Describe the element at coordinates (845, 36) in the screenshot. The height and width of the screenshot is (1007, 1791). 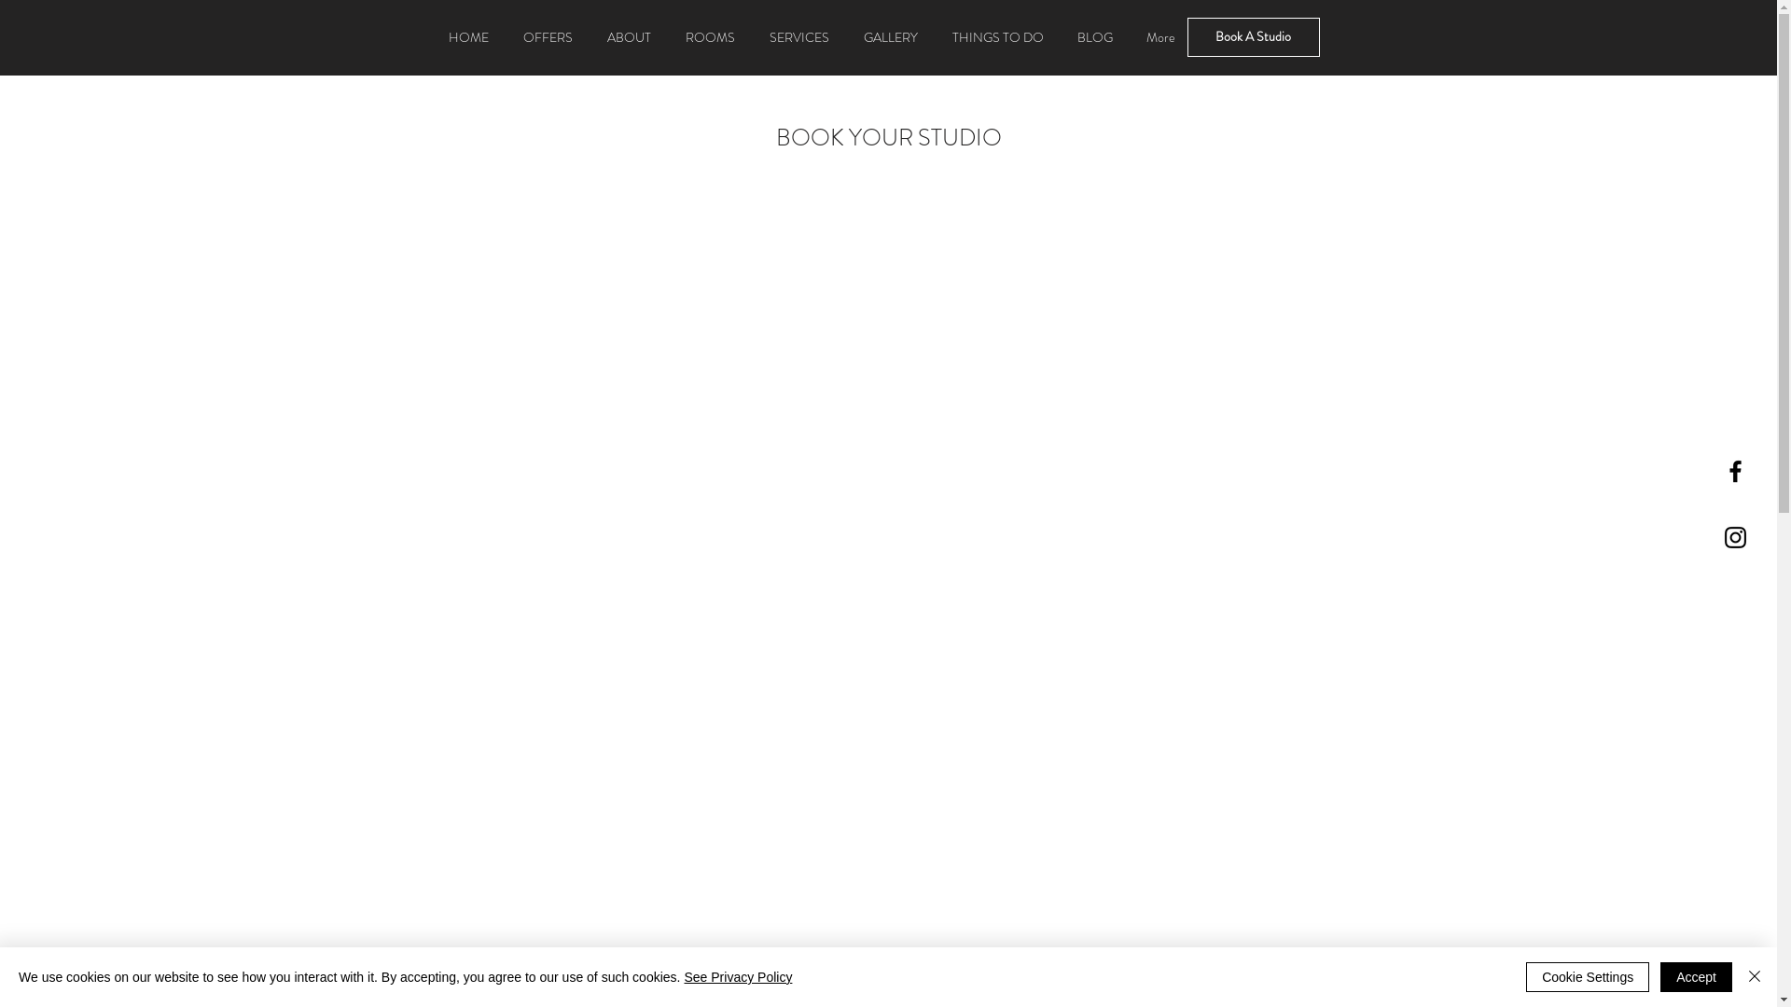
I see `'GALLERY'` at that location.